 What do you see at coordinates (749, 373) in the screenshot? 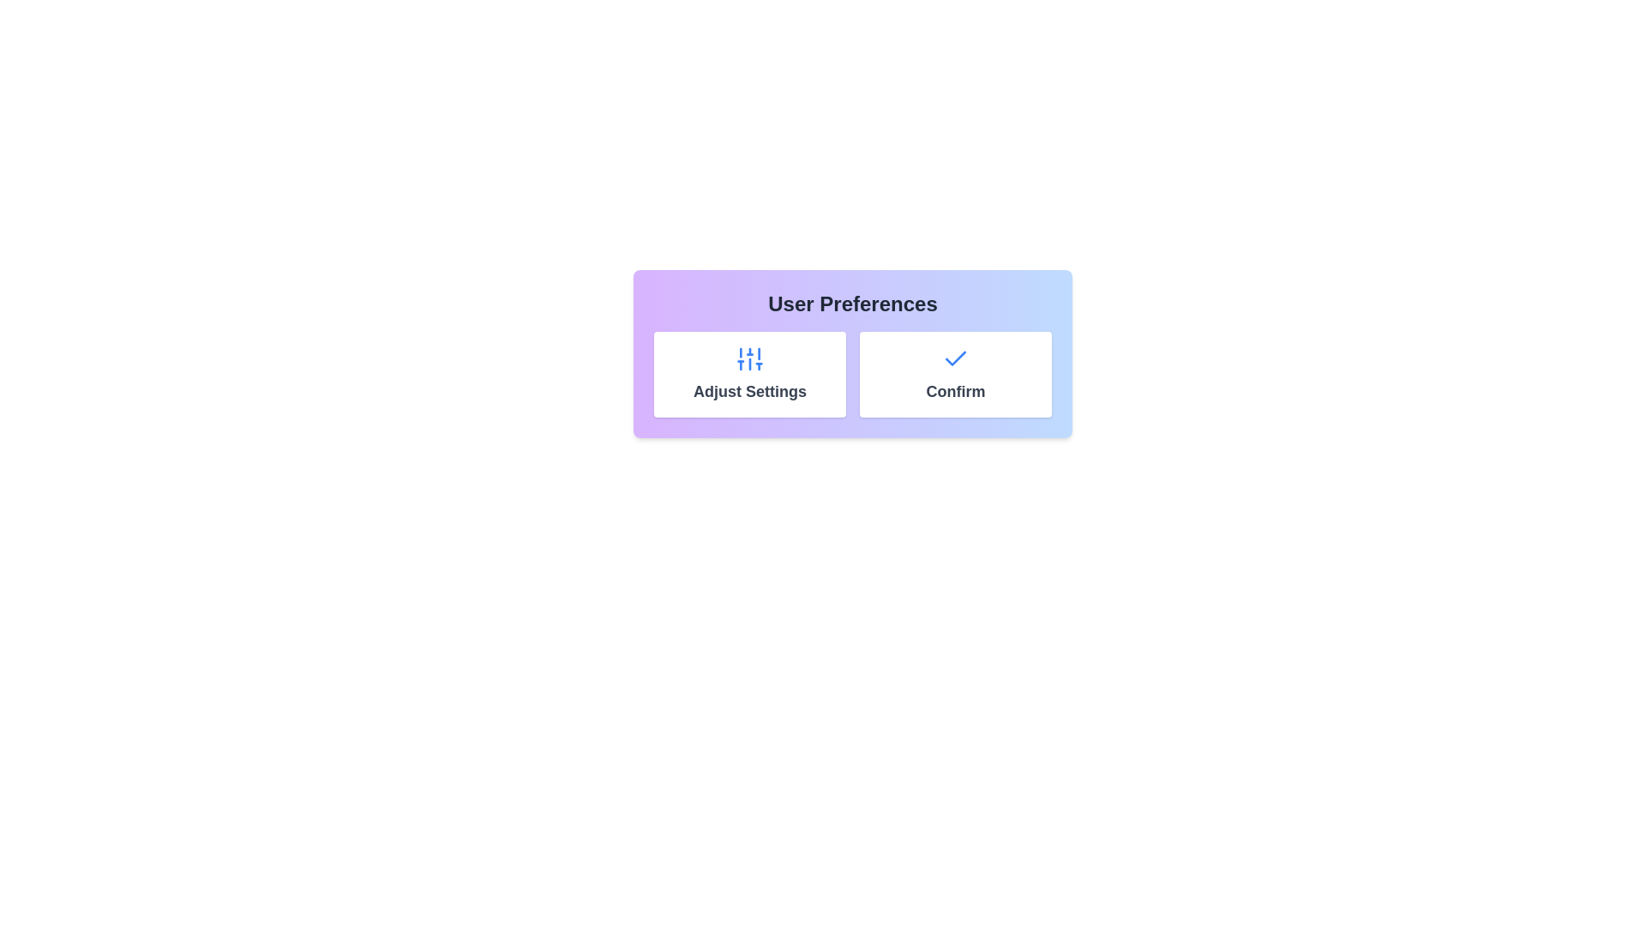
I see `the rectangular button with rounded corners and a white background that has a blue sliders icon above the 'Adjust Settings' text to trigger visual changes` at bounding box center [749, 373].